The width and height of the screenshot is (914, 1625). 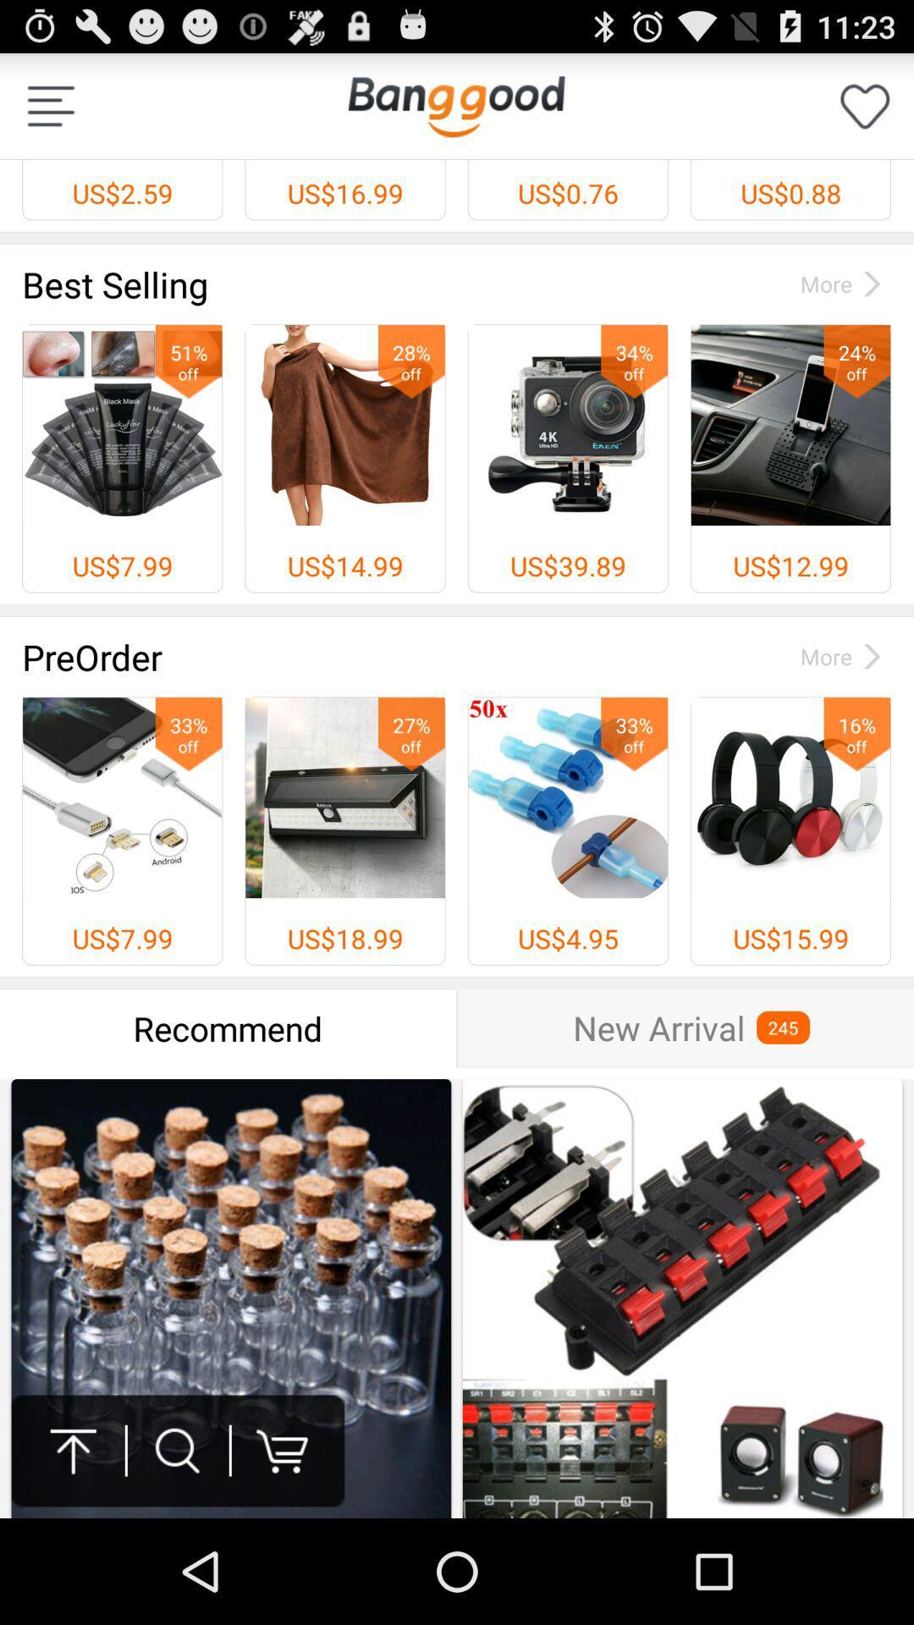 What do you see at coordinates (658, 1027) in the screenshot?
I see `the item to the left of the 245 item` at bounding box center [658, 1027].